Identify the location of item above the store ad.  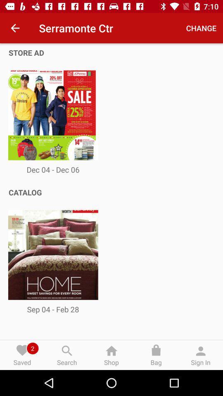
(15, 28).